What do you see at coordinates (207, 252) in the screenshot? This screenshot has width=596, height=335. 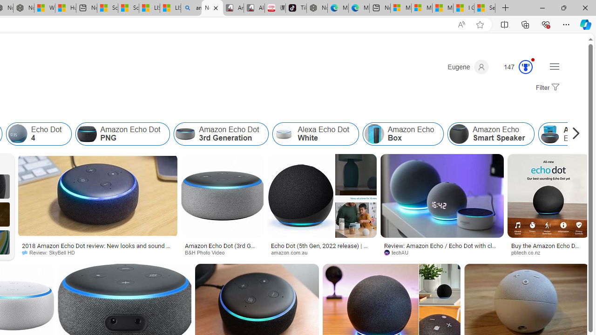 I see `'B&H Photo Video'` at bounding box center [207, 252].